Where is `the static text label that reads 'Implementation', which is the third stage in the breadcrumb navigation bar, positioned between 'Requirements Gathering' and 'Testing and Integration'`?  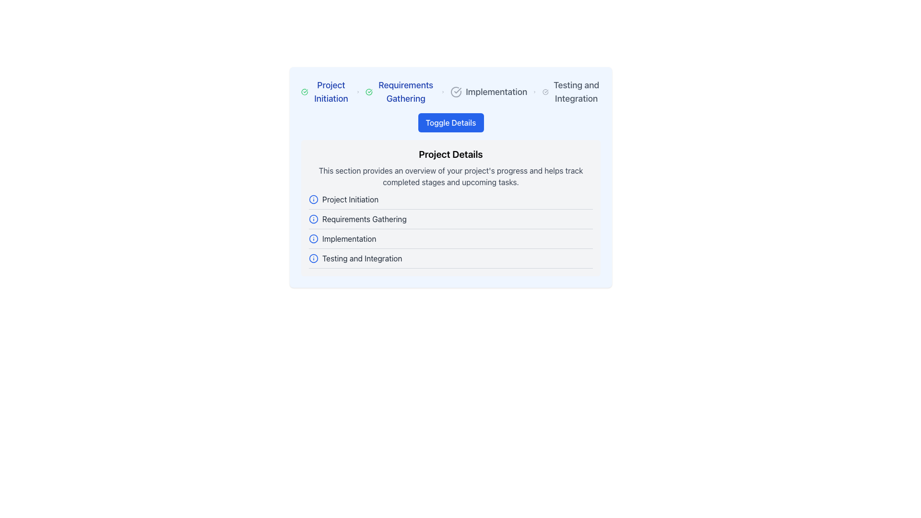 the static text label that reads 'Implementation', which is the third stage in the breadcrumb navigation bar, positioned between 'Requirements Gathering' and 'Testing and Integration' is located at coordinates (496, 92).